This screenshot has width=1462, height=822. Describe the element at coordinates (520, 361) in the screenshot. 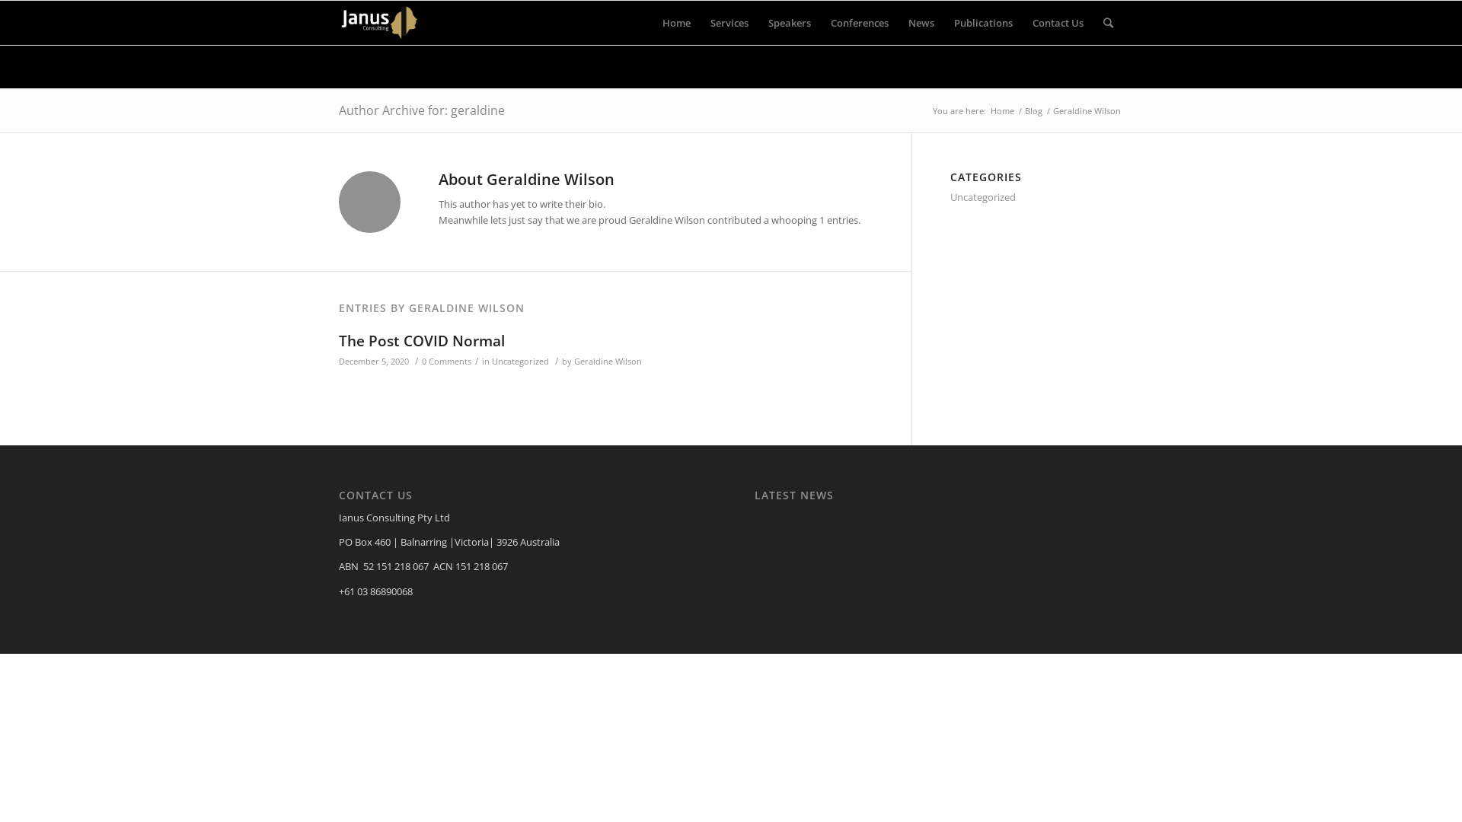

I see `'Uncategorized'` at that location.